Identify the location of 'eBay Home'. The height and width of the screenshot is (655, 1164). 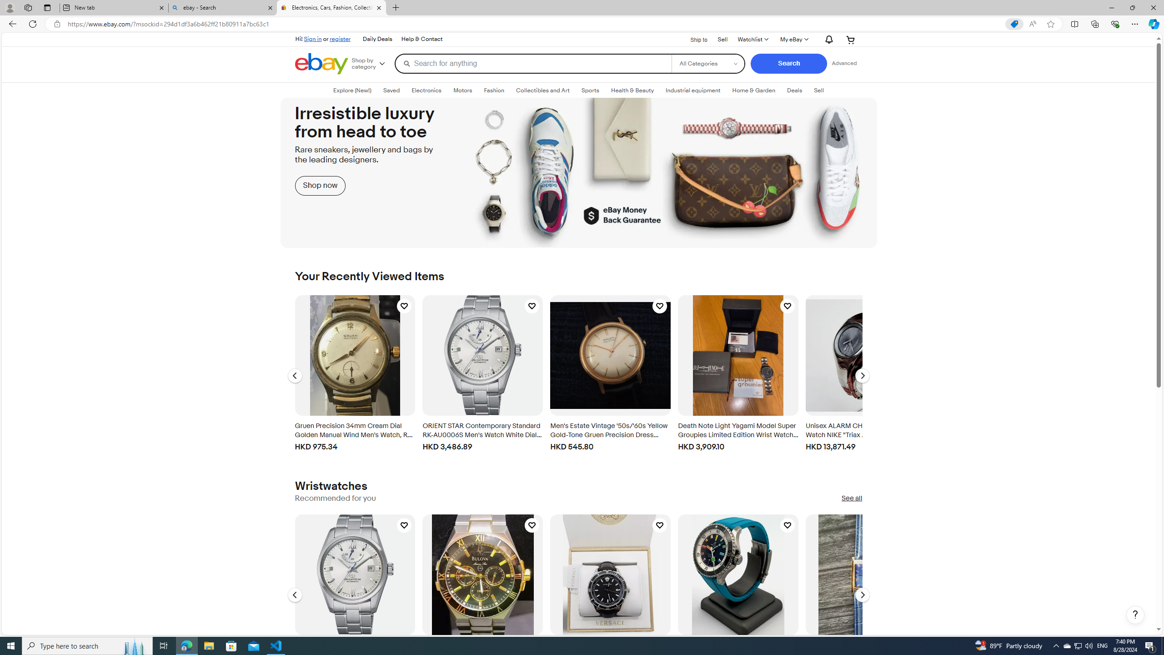
(321, 63).